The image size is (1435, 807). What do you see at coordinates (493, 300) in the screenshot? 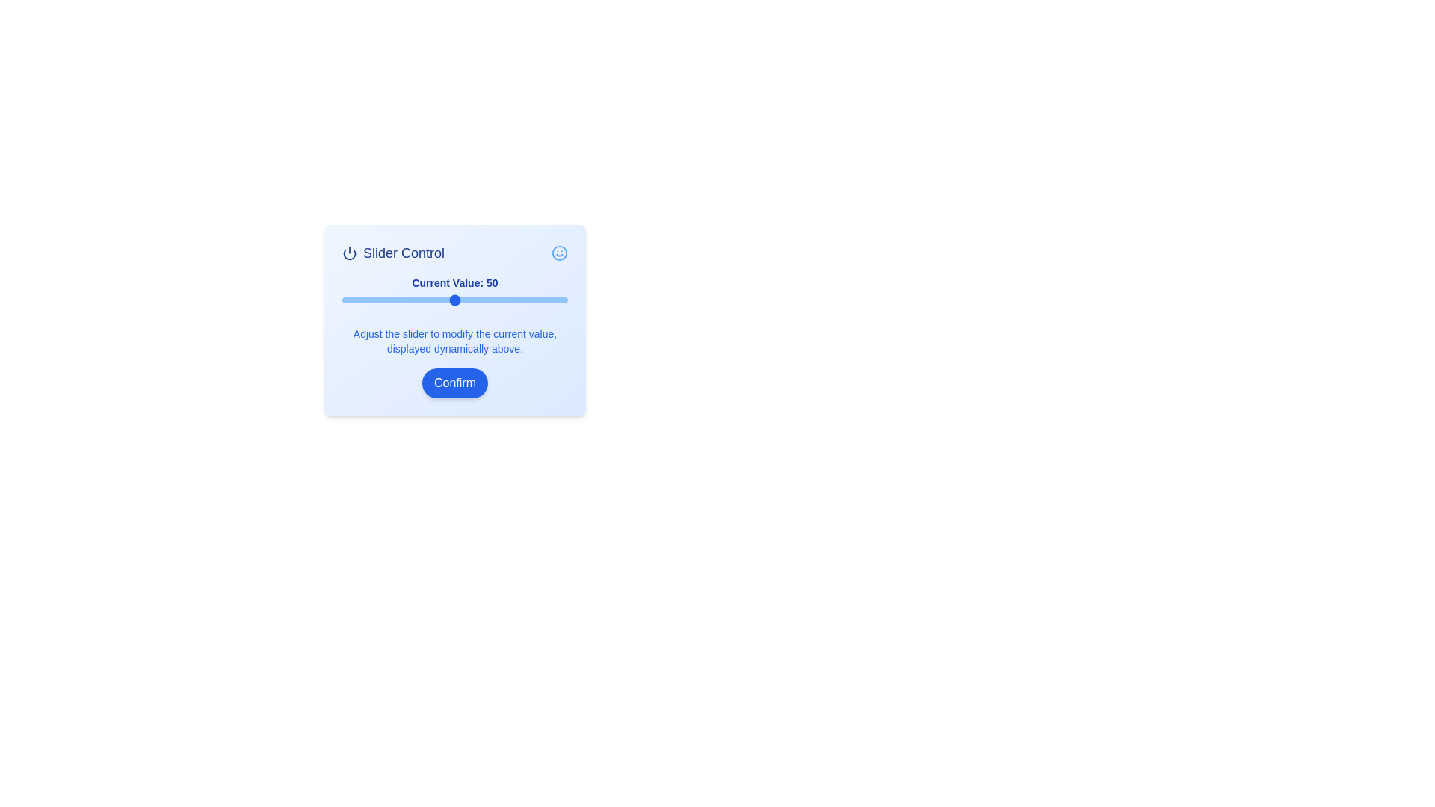
I see `the slider value` at bounding box center [493, 300].